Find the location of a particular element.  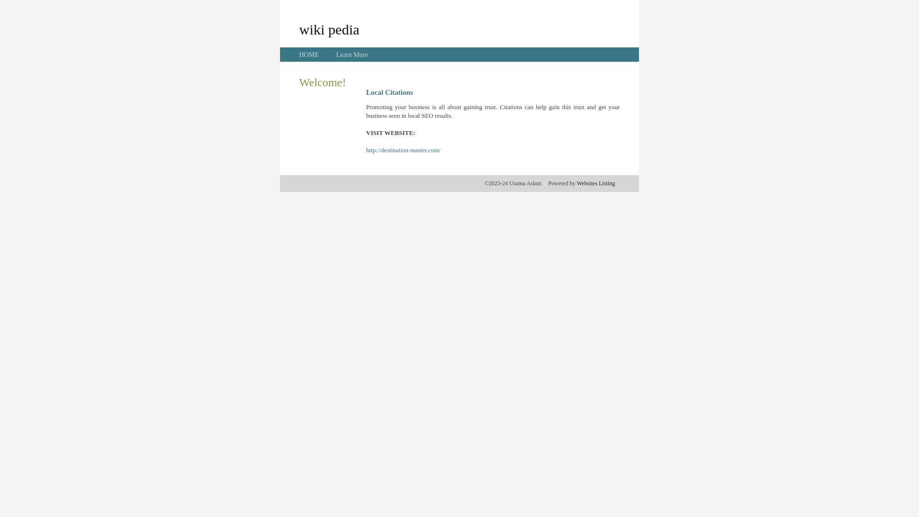

'Learn More' is located at coordinates (336, 55).